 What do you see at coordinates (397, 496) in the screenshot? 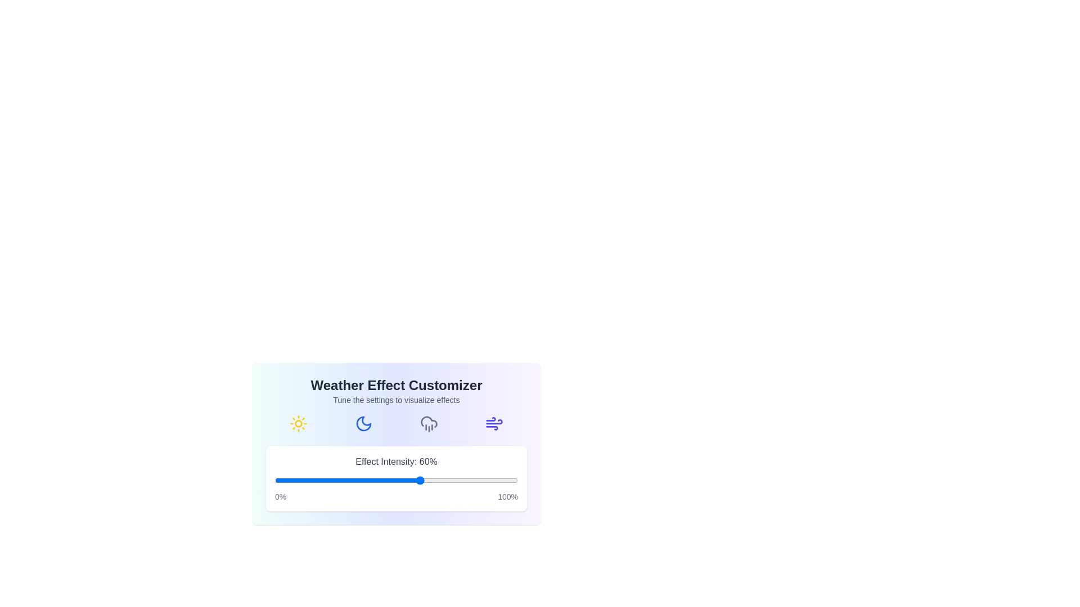
I see `the text label displaying '0%' and '100%' at the bottom of the effect intensity slider, which is styled with light gray color and small font size` at bounding box center [397, 496].